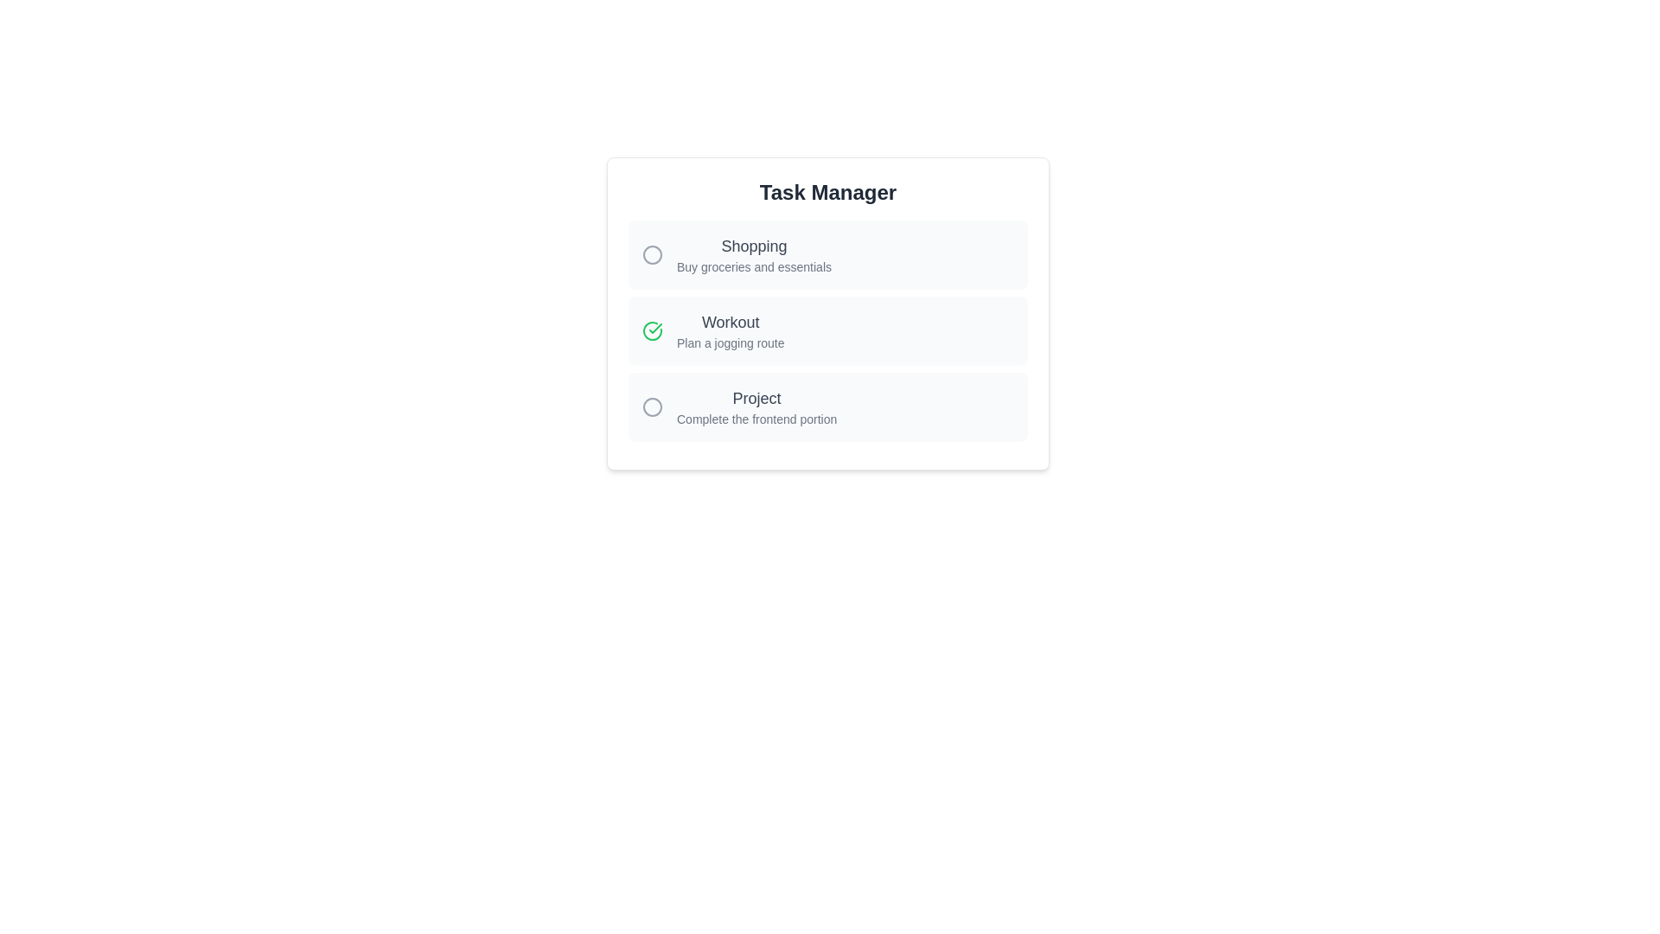 Image resolution: width=1660 pixels, height=934 pixels. Describe the element at coordinates (757, 399) in the screenshot. I see `the task name text for Project` at that location.